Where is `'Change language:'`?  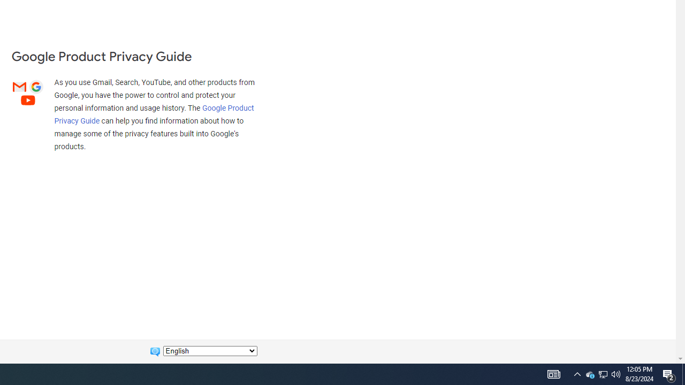
'Change language:' is located at coordinates (210, 351).